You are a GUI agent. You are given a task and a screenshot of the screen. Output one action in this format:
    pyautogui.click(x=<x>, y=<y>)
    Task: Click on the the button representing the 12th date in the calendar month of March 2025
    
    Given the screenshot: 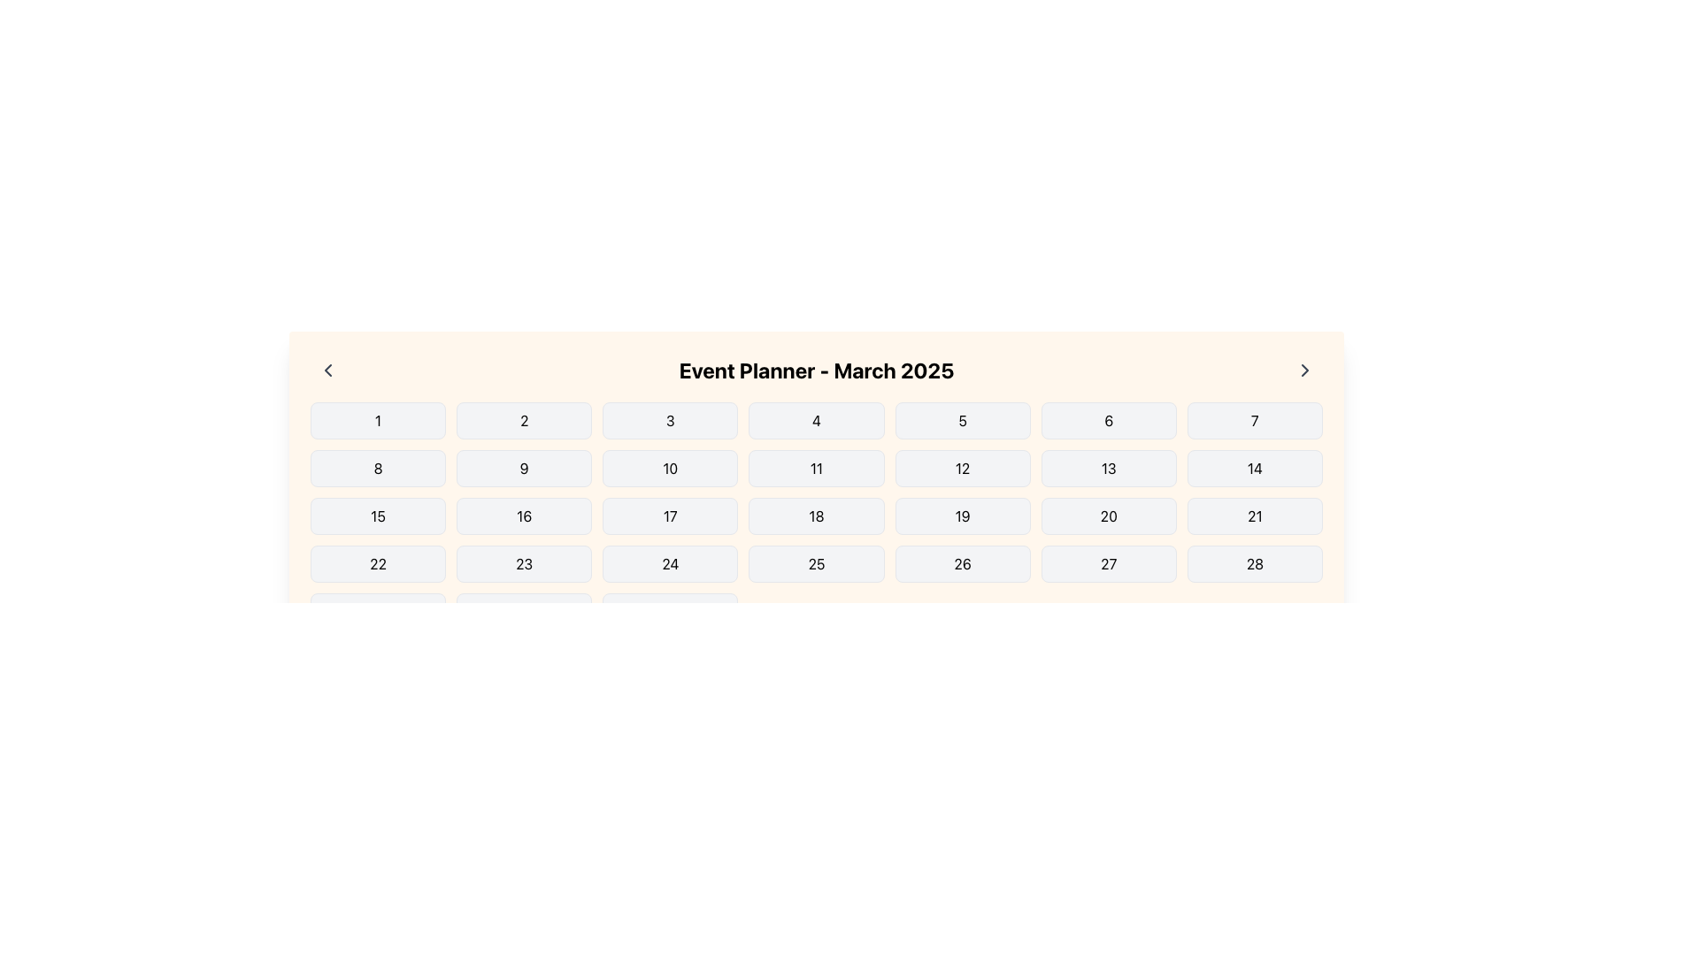 What is the action you would take?
    pyautogui.click(x=962, y=467)
    